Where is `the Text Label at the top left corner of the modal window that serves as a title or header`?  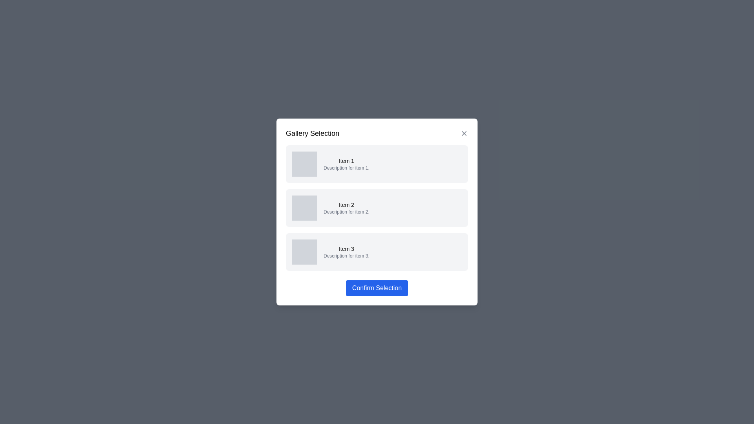 the Text Label at the top left corner of the modal window that serves as a title or header is located at coordinates (312, 133).